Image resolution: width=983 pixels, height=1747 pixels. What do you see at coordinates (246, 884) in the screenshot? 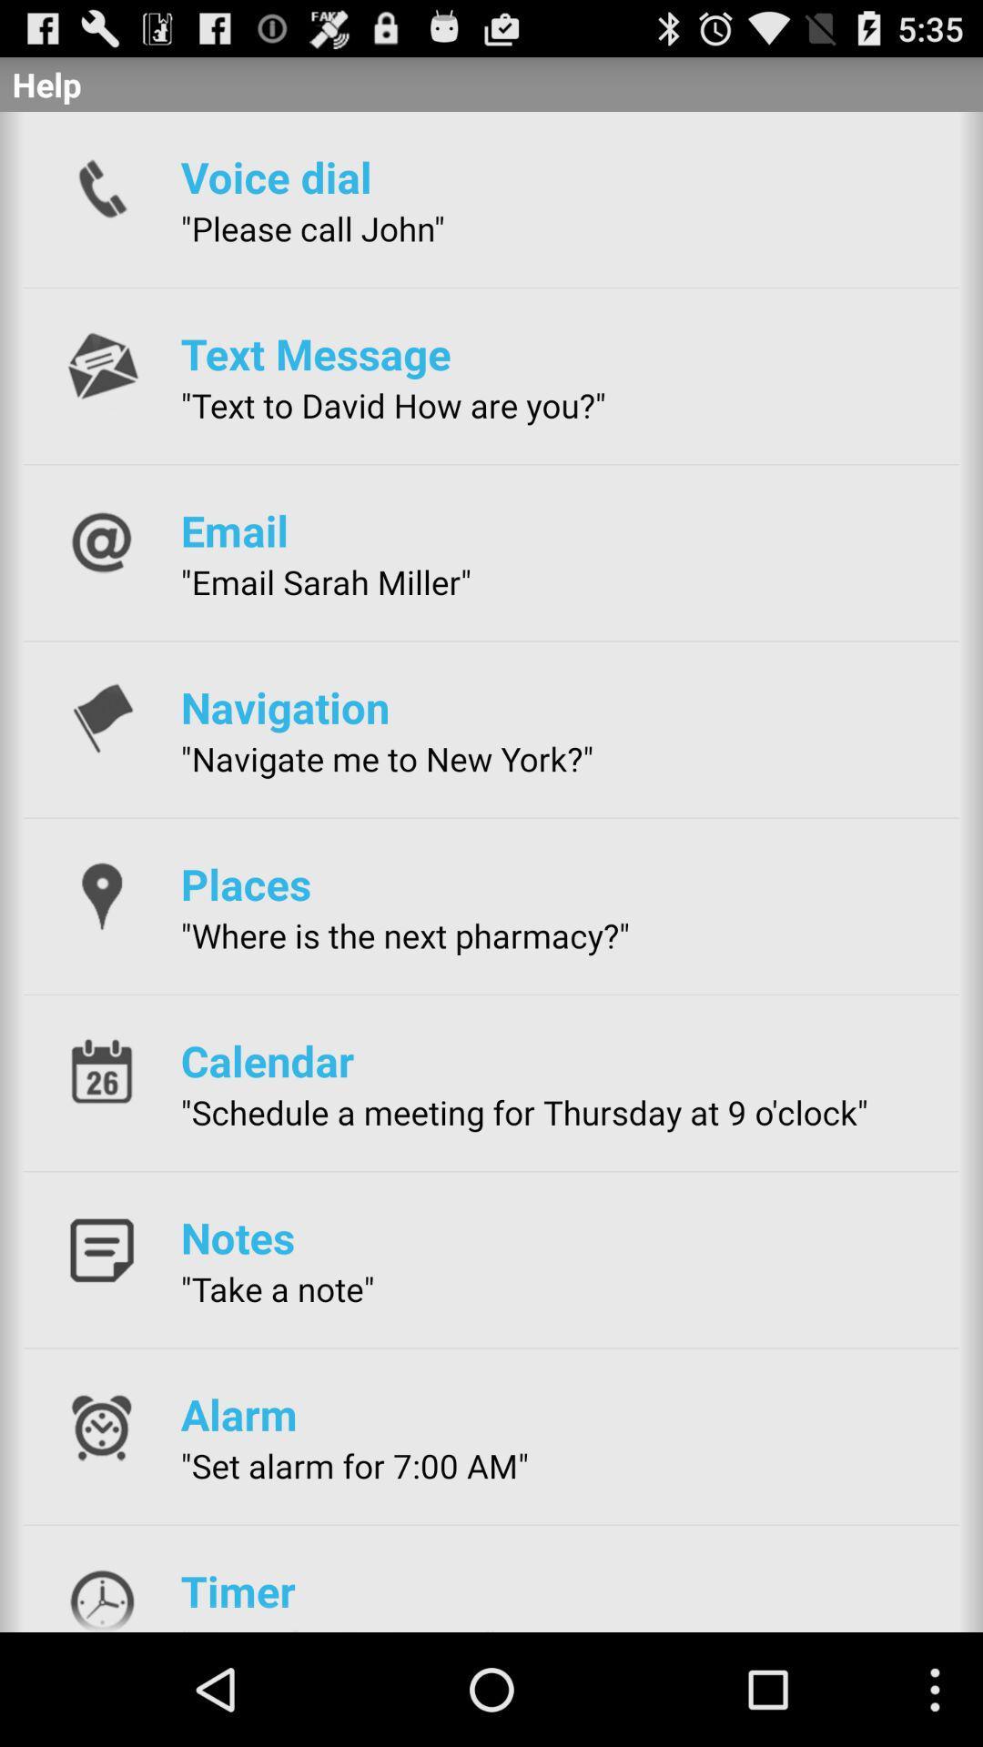
I see `icon above the where is the app` at bounding box center [246, 884].